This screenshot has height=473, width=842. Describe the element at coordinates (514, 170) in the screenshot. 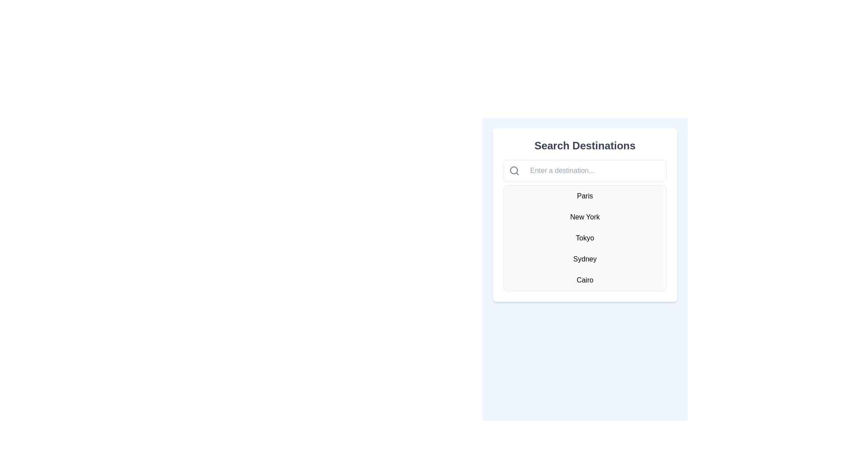

I see `the magnifying glass icon located at the top-left section within the input field labeled 'Enter a destination...', which is recognizable by its circular outline and gray color` at that location.